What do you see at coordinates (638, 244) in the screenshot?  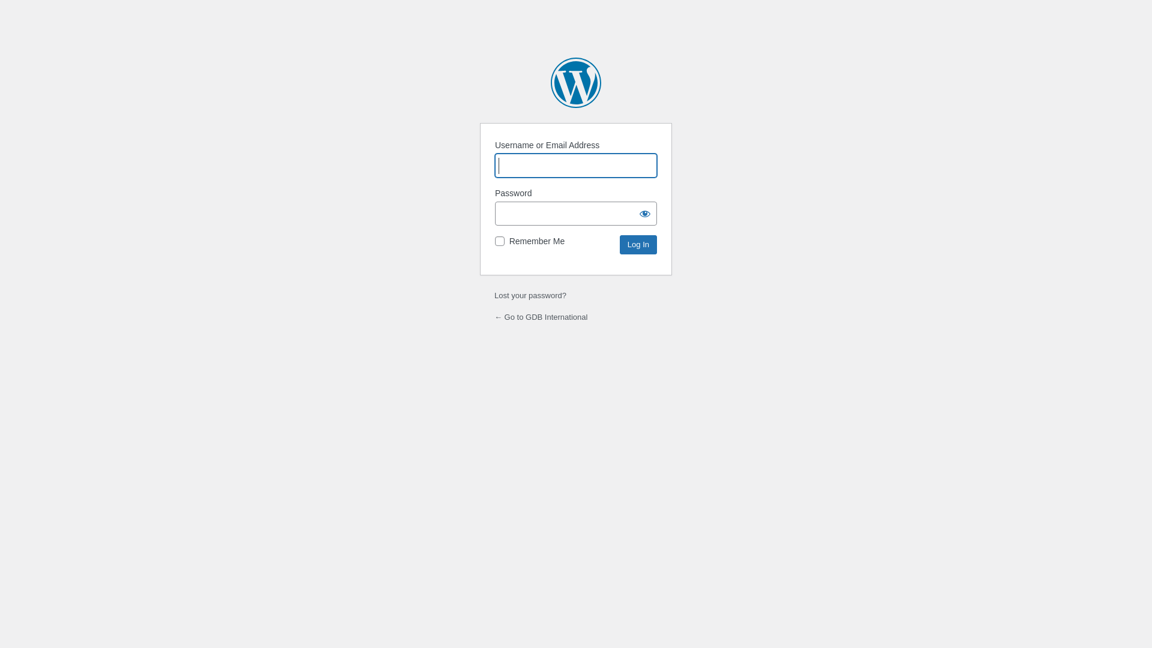 I see `'Log In'` at bounding box center [638, 244].